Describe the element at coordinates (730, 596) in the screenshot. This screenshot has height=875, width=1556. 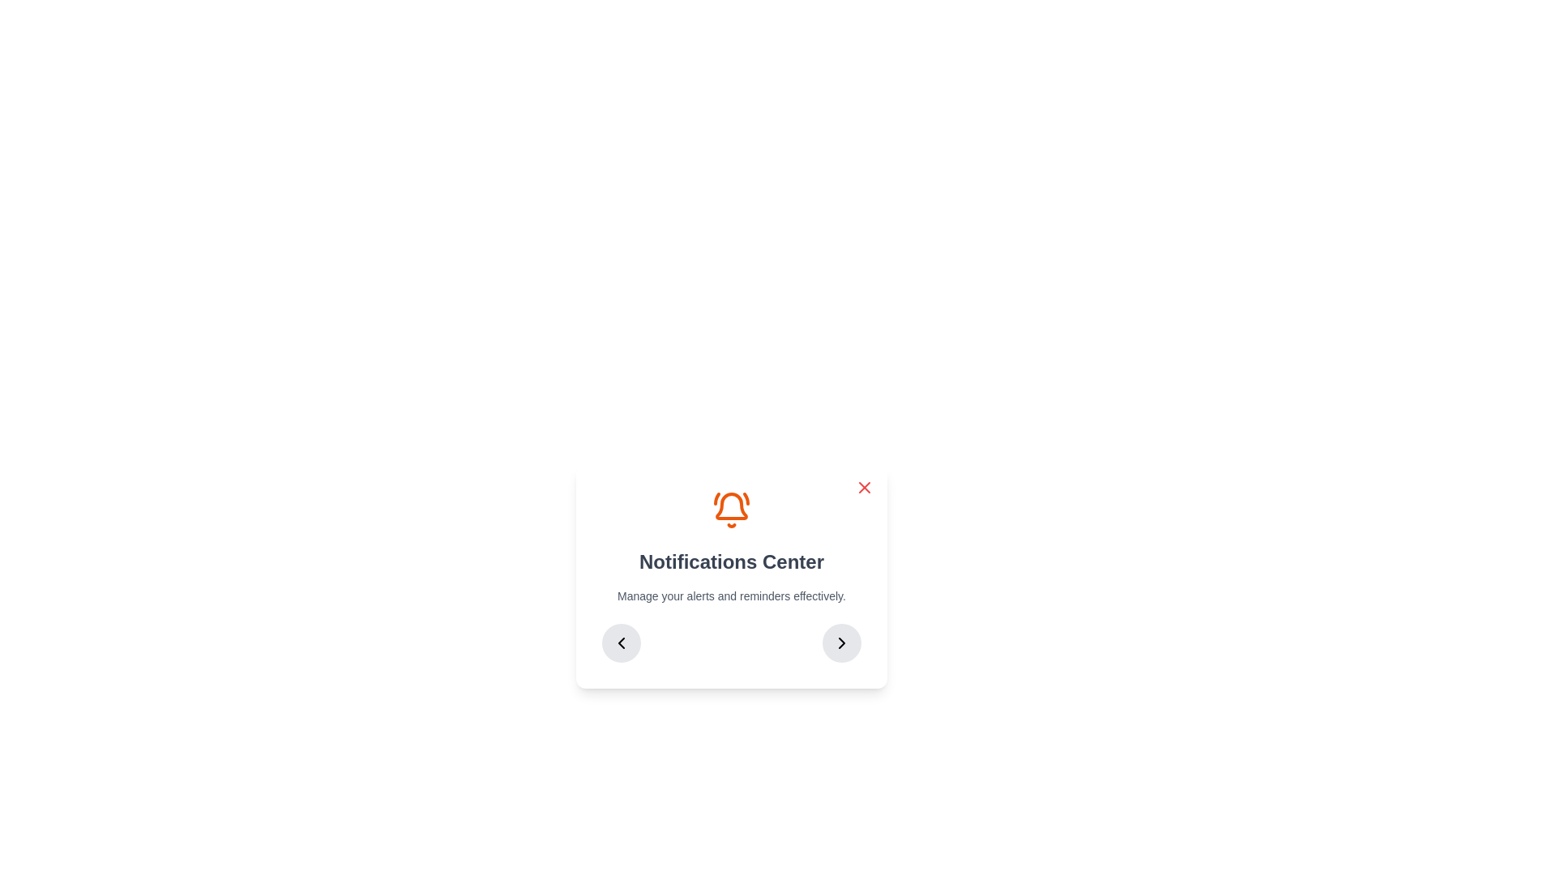
I see `text label that says 'Manage your alerts and reminders effectively.' positioned beneath the 'Notifications Center' heading` at that location.